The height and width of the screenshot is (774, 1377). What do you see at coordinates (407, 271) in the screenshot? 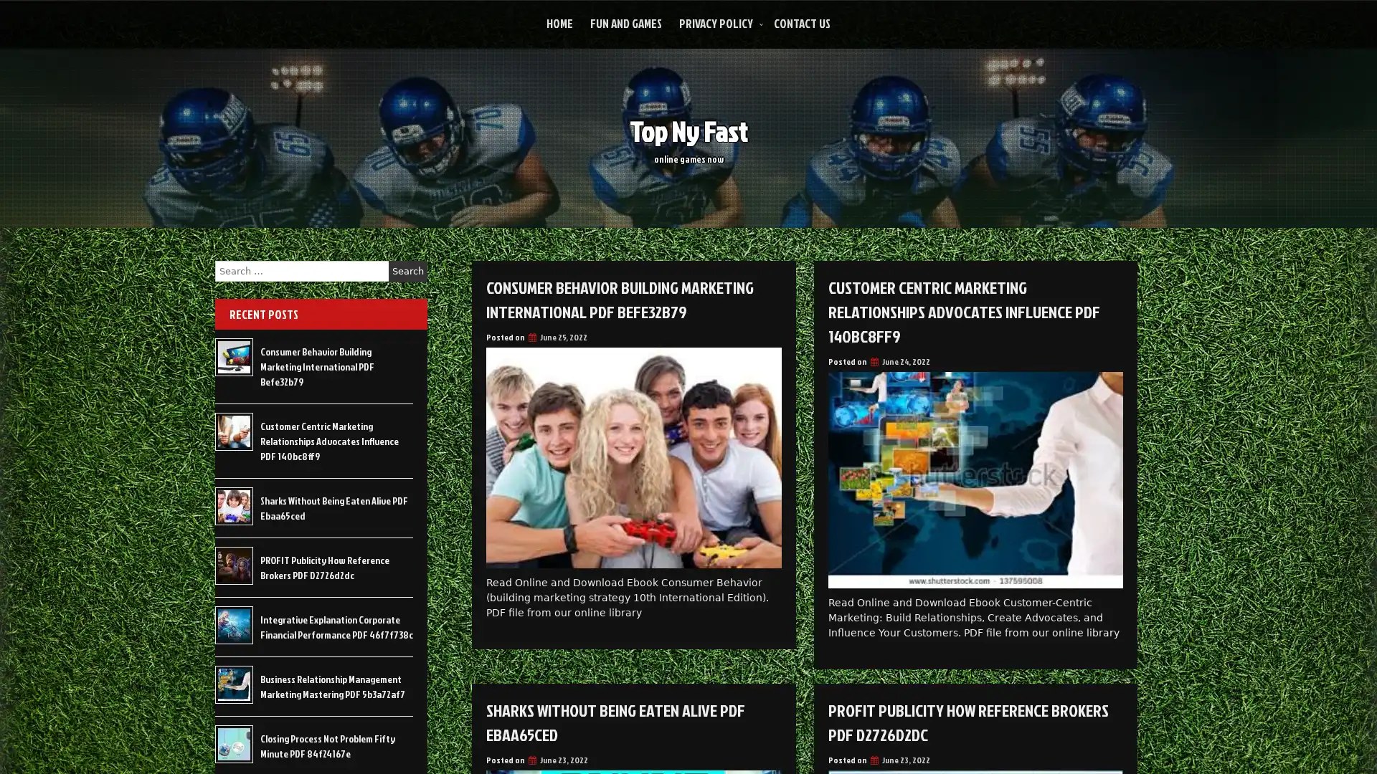
I see `Search` at bounding box center [407, 271].